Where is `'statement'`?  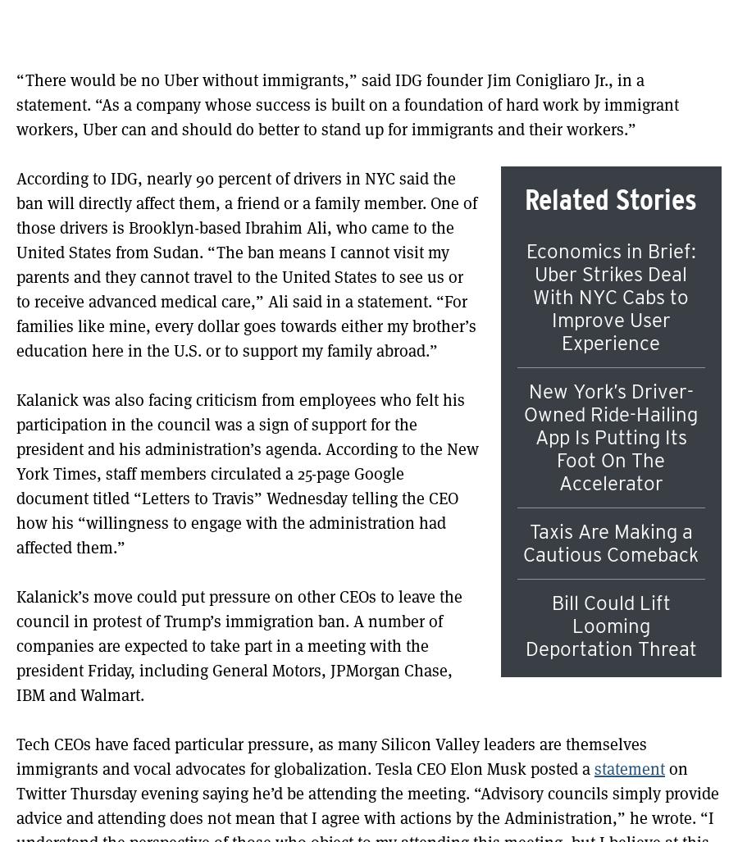
'statement' is located at coordinates (628, 768).